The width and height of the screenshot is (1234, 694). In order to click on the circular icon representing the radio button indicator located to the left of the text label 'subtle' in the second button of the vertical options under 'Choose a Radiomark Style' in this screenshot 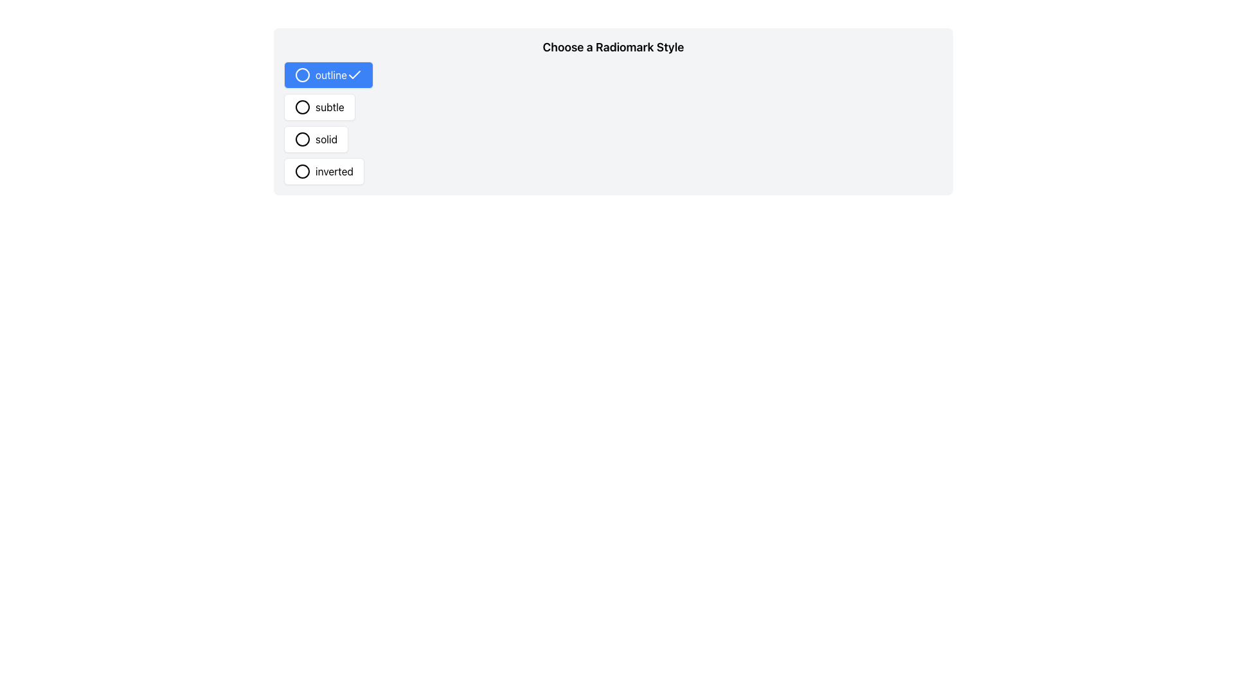, I will do `click(301, 106)`.